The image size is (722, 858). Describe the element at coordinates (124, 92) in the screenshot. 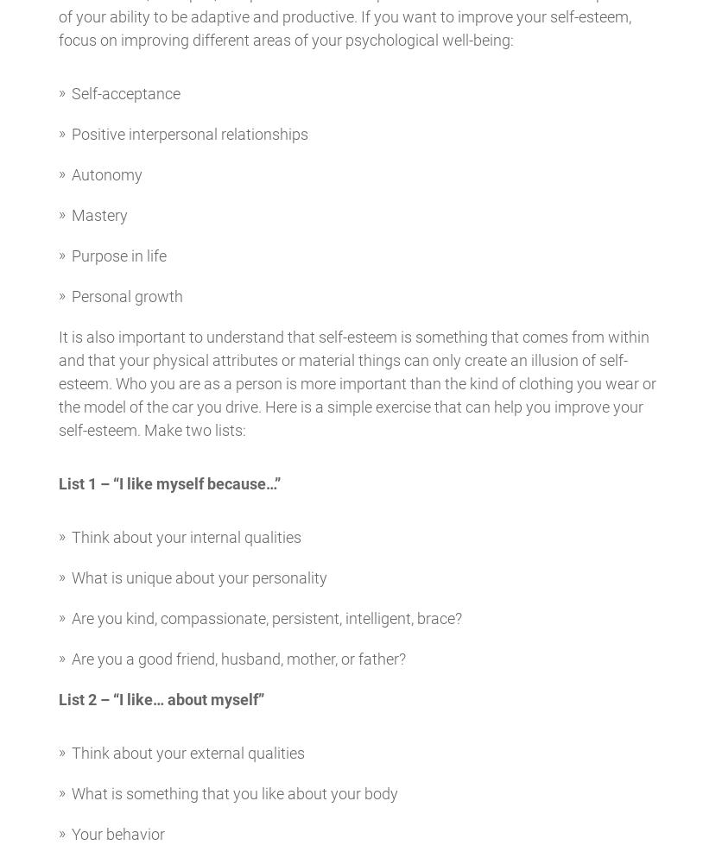

I see `'Self-acceptance'` at that location.